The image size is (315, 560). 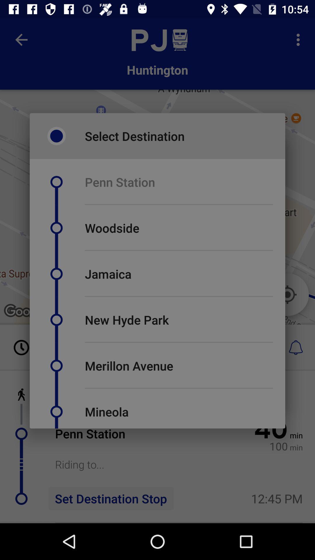 I want to click on merillon avenue icon, so click(x=129, y=365).